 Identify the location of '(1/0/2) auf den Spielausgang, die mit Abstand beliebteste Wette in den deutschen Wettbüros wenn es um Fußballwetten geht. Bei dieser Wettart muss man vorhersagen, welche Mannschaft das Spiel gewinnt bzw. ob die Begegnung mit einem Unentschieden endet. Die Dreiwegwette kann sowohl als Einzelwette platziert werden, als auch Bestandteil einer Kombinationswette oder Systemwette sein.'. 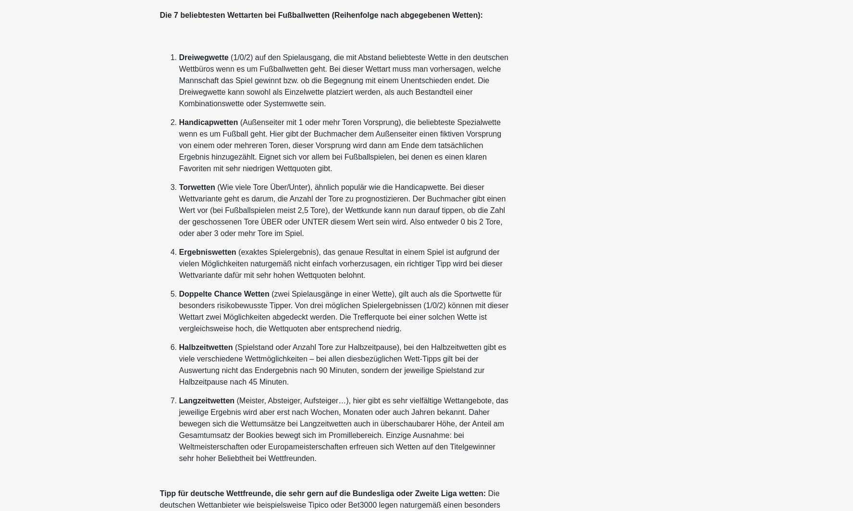
(343, 80).